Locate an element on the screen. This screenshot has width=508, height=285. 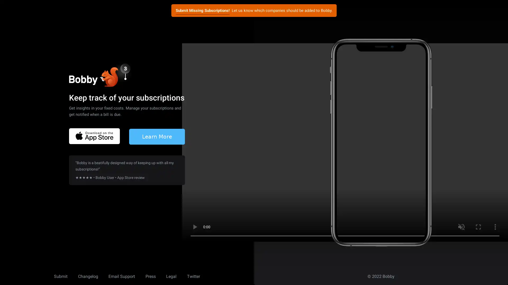
enter full screen is located at coordinates (478, 227).